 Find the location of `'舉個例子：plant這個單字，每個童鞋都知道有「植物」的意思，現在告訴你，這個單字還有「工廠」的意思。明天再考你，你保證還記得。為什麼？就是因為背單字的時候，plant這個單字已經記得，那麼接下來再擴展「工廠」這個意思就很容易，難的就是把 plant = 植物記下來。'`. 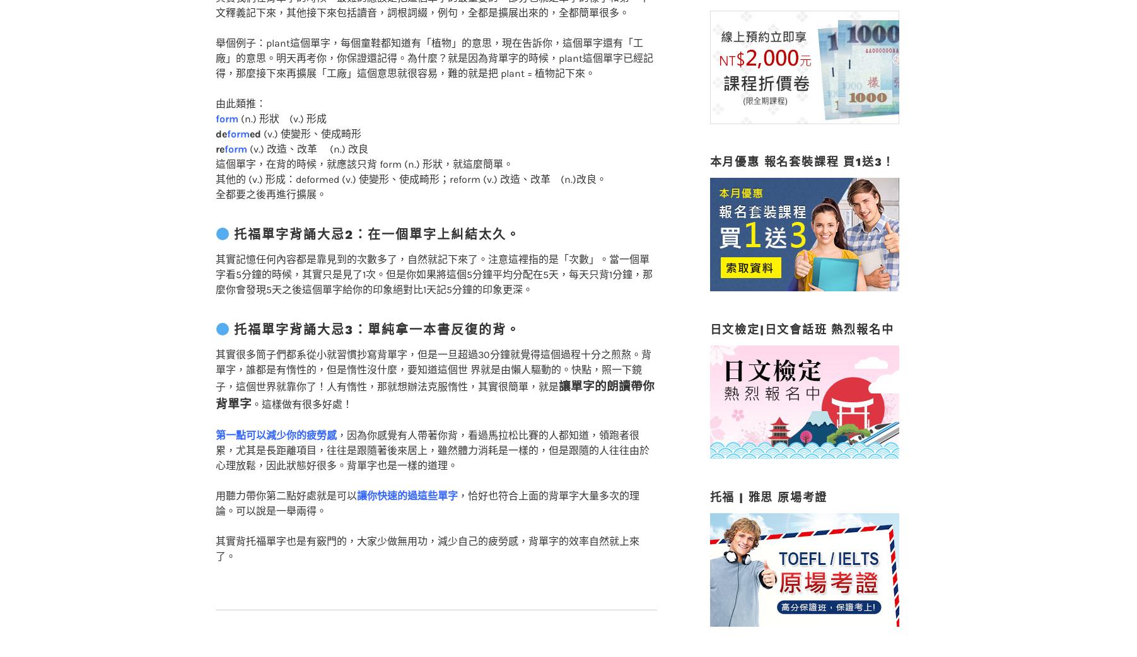

'舉個例子：plant這個單字，每個童鞋都知道有「植物」的意思，現在告訴你，這個單字還有「工廠」的意思。明天再考你，你保證還記得。為什麼？就是因為背單字的時候，plant這個單字已經記得，那麼接下來再擴展「工廠」這個意思就很容易，難的就是把 plant = 植物記下來。' is located at coordinates (214, 32).